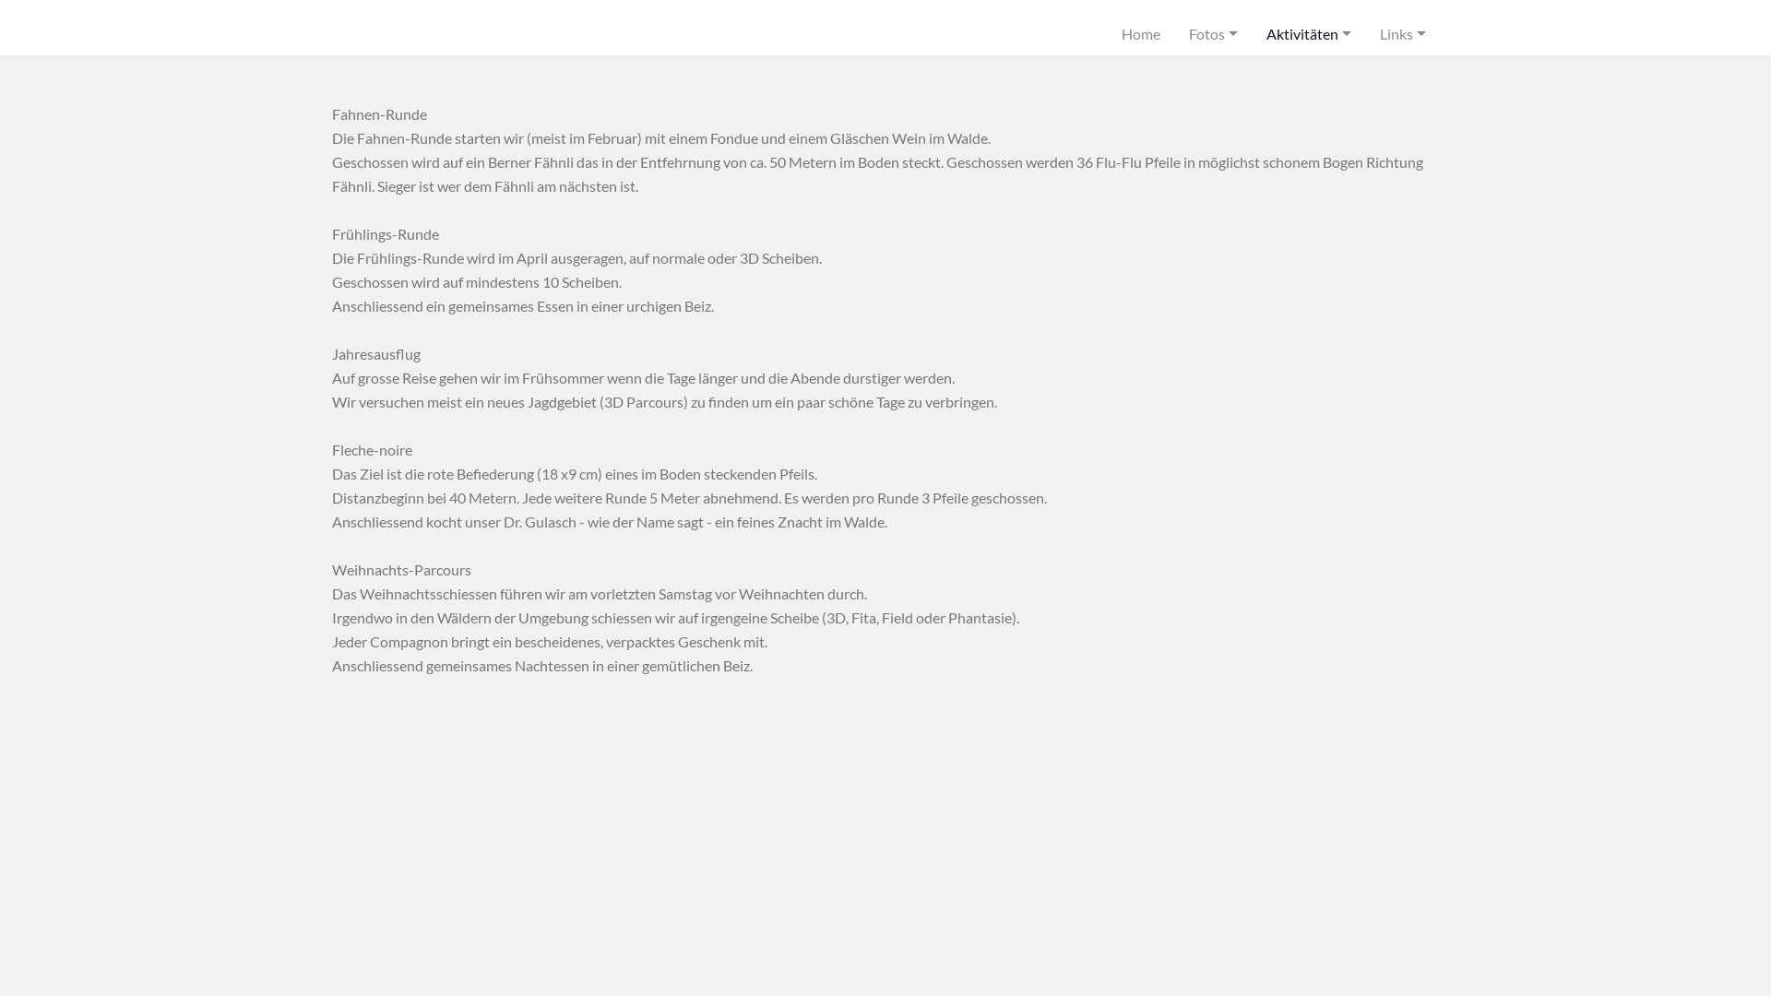 This screenshot has width=1771, height=996. Describe the element at coordinates (1146, 28) in the screenshot. I see `'Home'` at that location.